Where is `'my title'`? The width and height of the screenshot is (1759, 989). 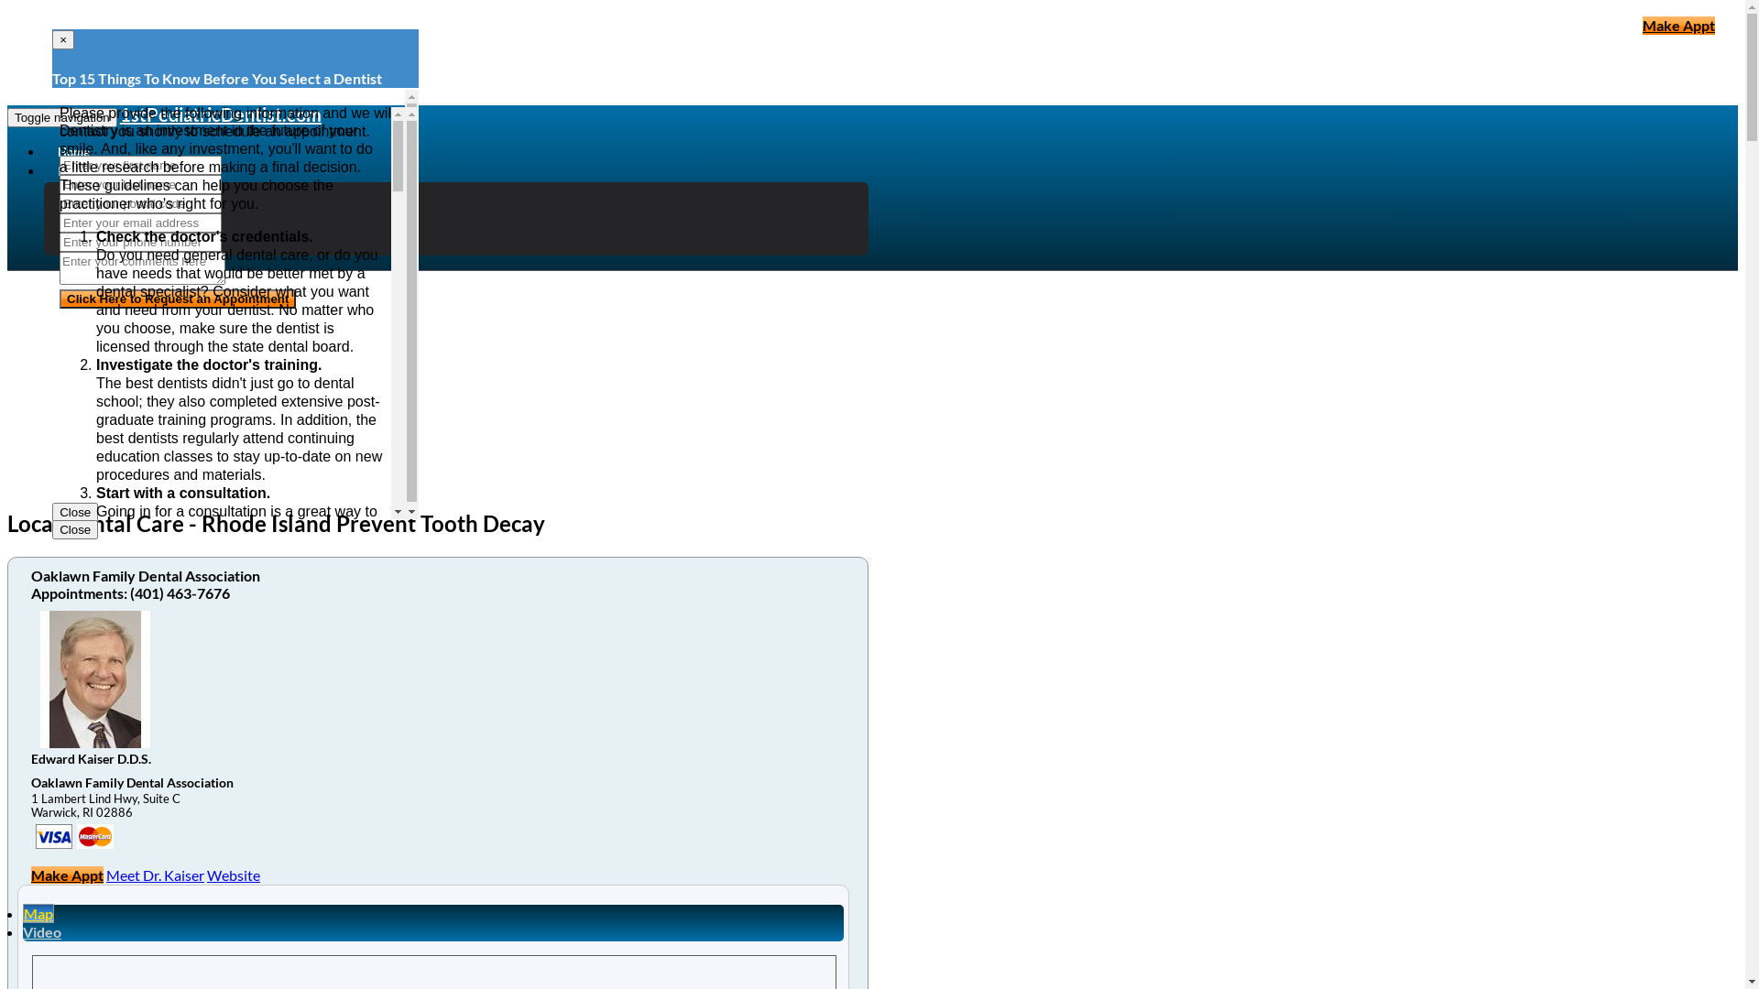
'my title' is located at coordinates (53, 836).